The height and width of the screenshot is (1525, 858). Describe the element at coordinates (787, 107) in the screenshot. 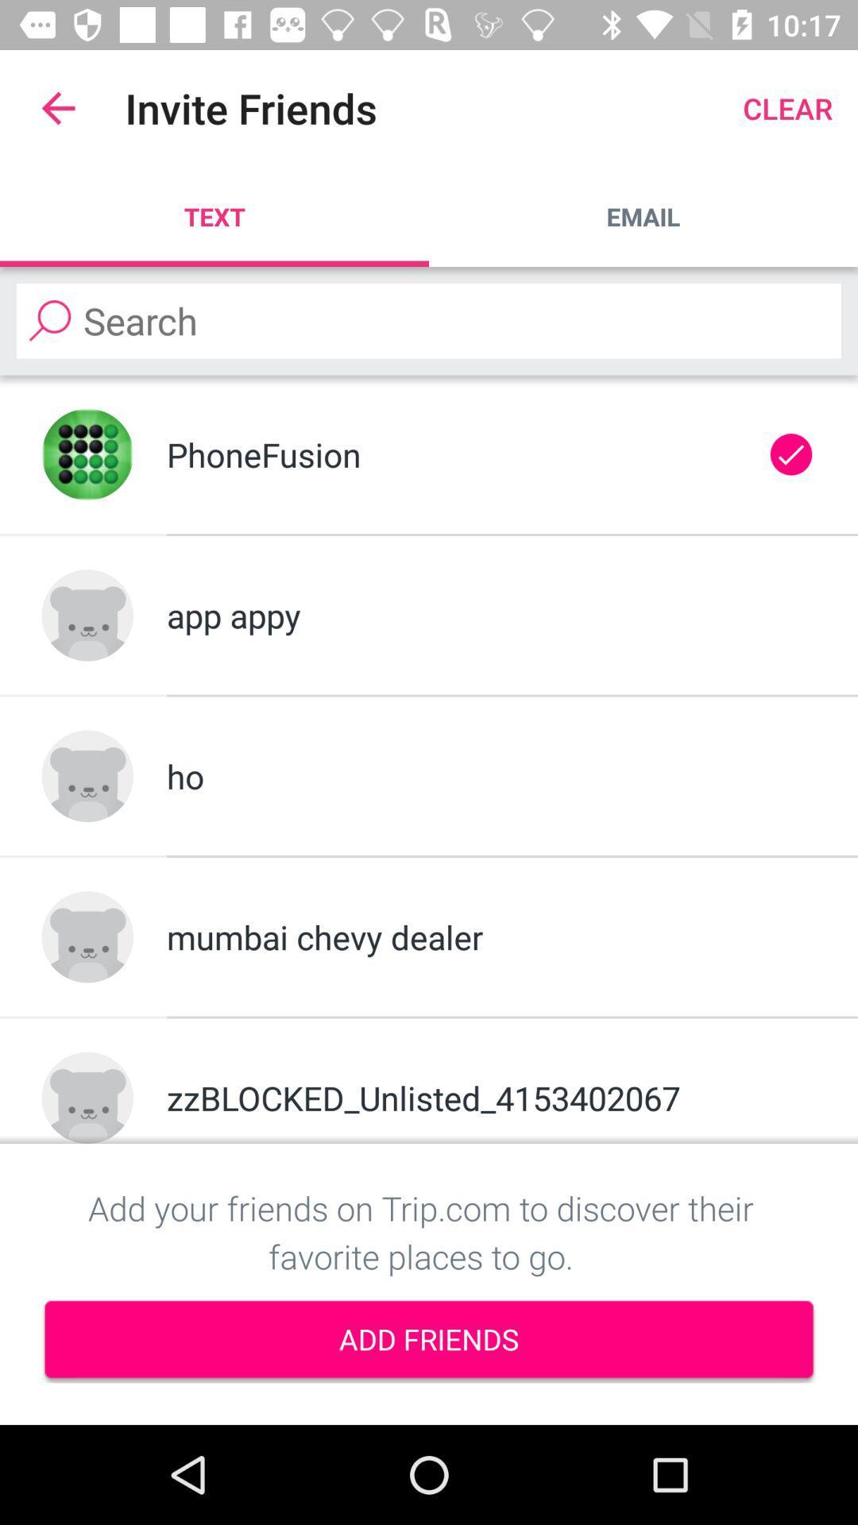

I see `clear` at that location.